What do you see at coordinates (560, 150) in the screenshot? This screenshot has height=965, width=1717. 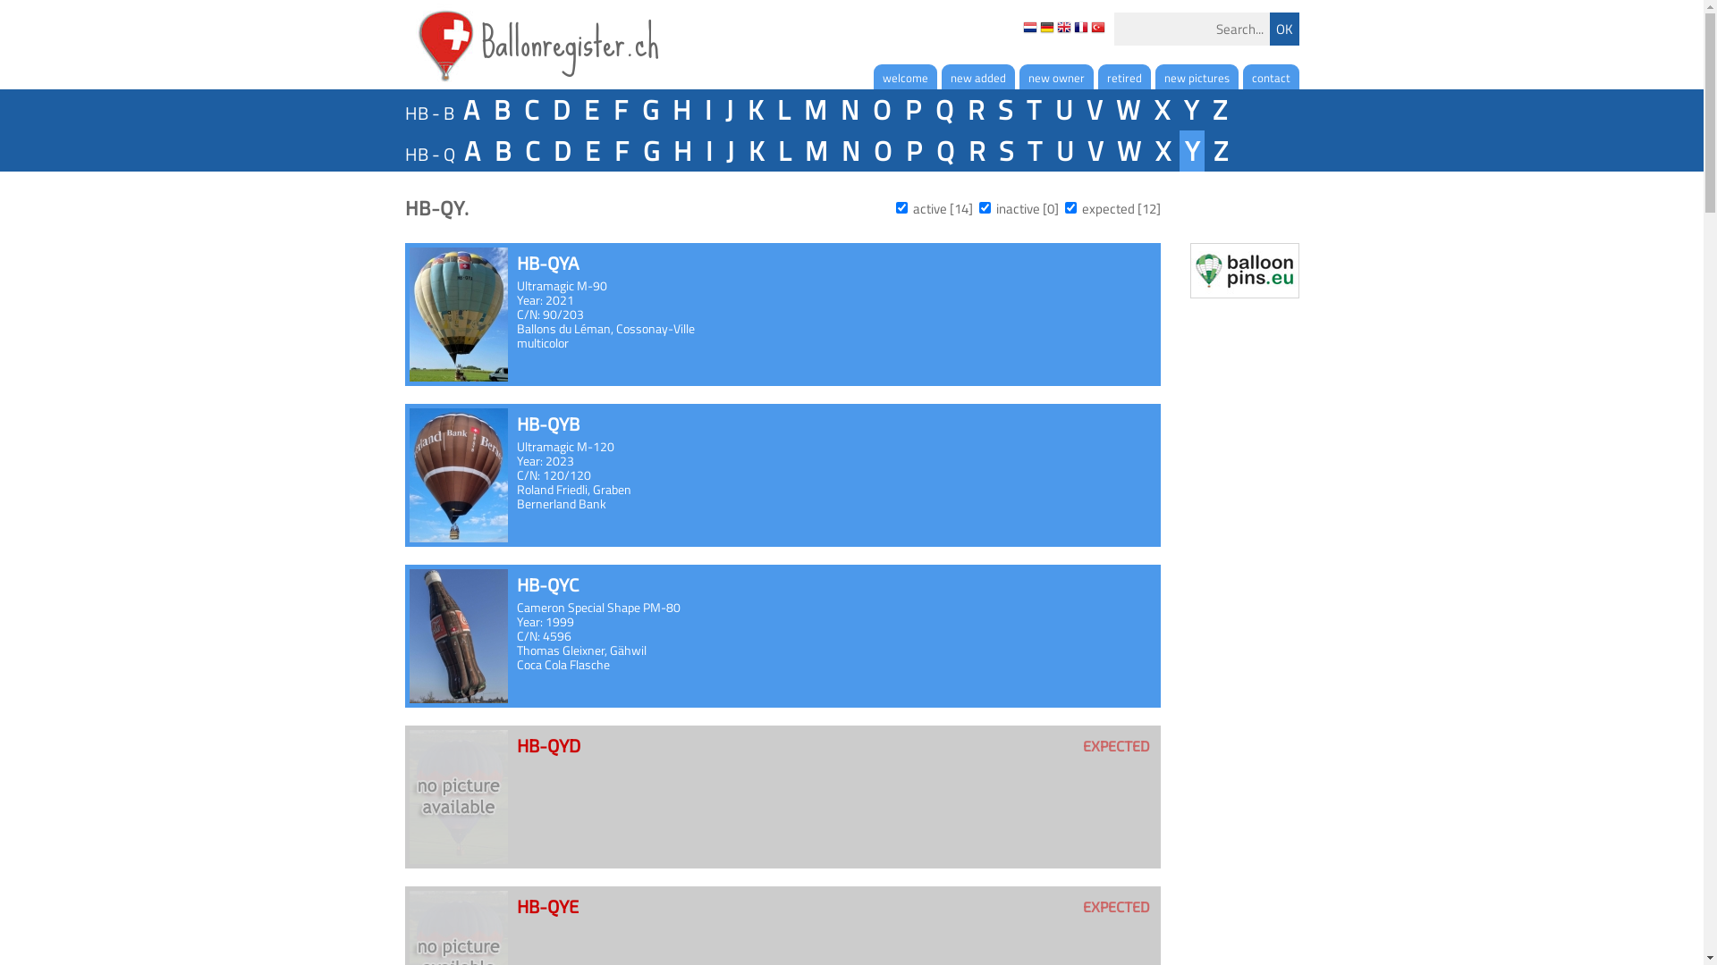 I see `'D'` at bounding box center [560, 150].